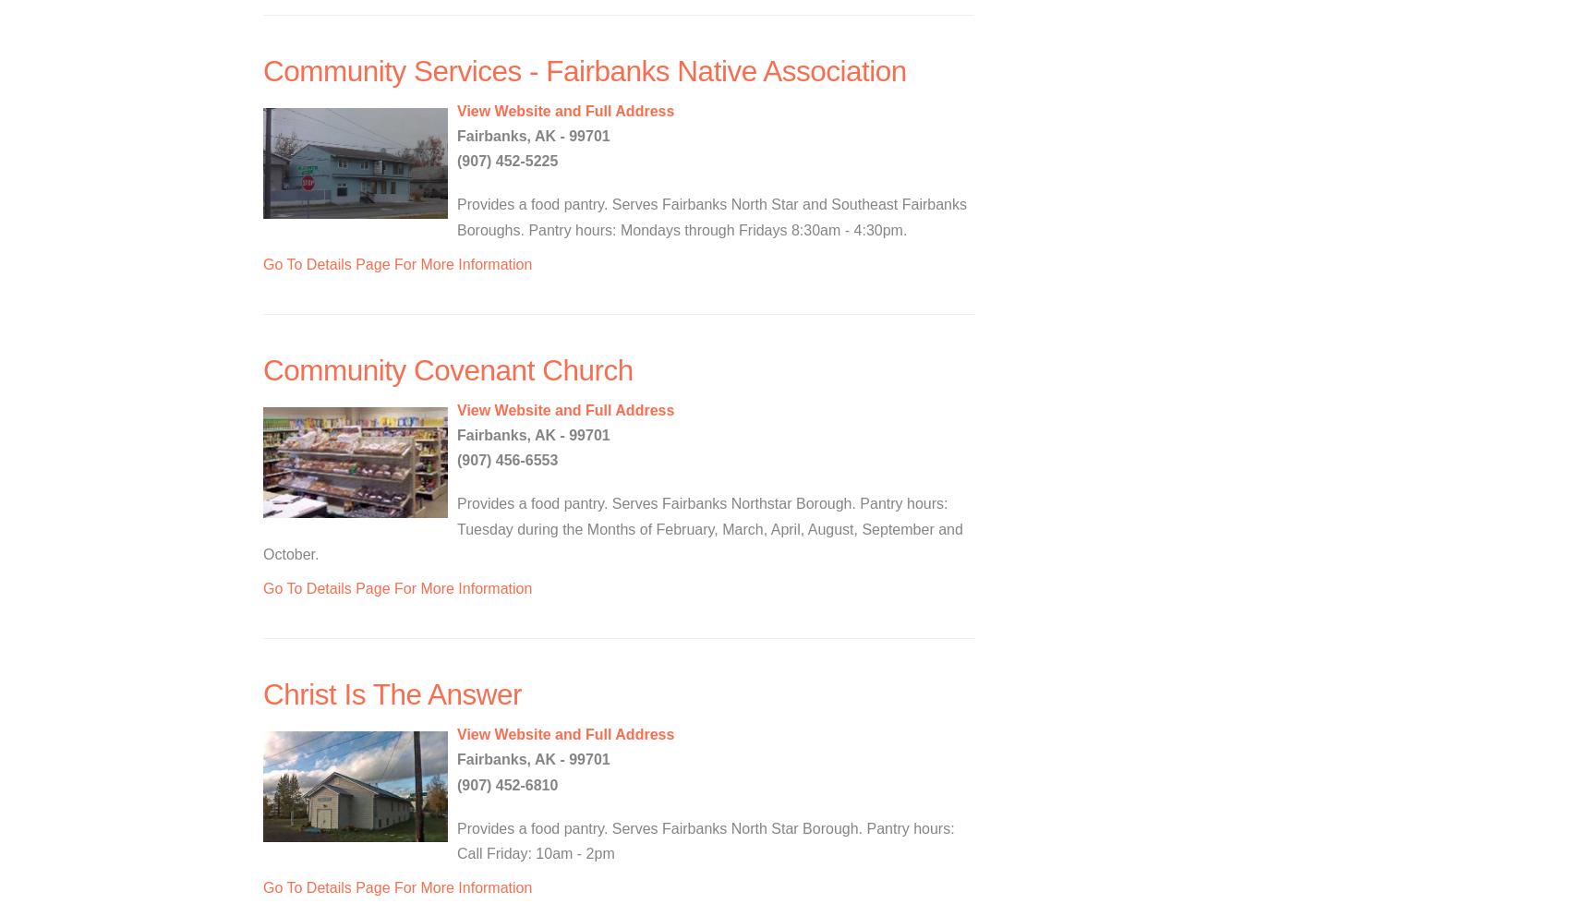 This screenshot has width=1570, height=904. I want to click on '(907) 452-5225', so click(506, 161).